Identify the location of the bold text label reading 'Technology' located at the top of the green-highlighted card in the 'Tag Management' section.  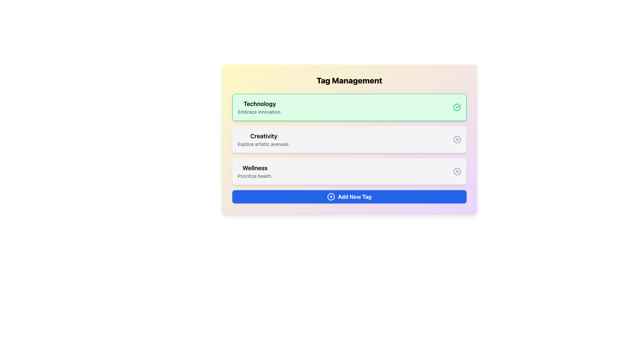
(259, 104).